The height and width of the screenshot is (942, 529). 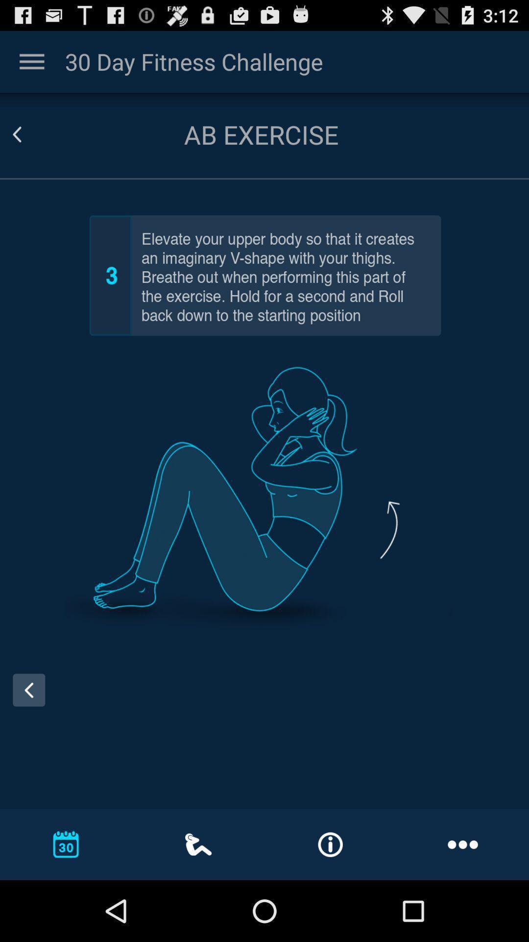 What do you see at coordinates (28, 143) in the screenshot?
I see `the arrow_backward icon` at bounding box center [28, 143].